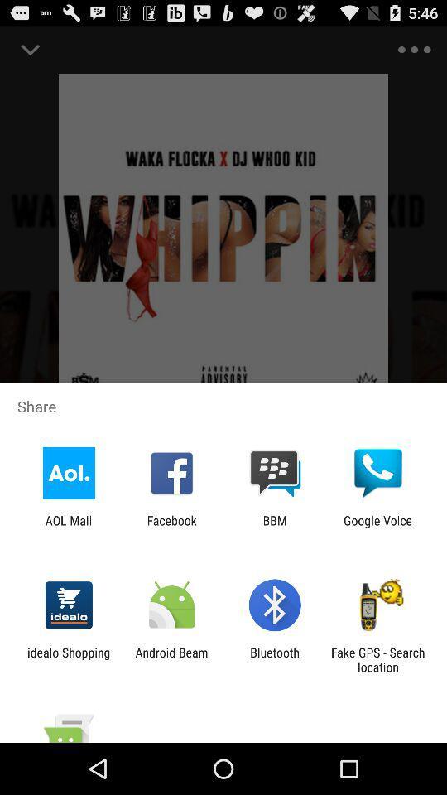 Image resolution: width=447 pixels, height=795 pixels. What do you see at coordinates (275, 527) in the screenshot?
I see `the icon to the right of the facebook` at bounding box center [275, 527].